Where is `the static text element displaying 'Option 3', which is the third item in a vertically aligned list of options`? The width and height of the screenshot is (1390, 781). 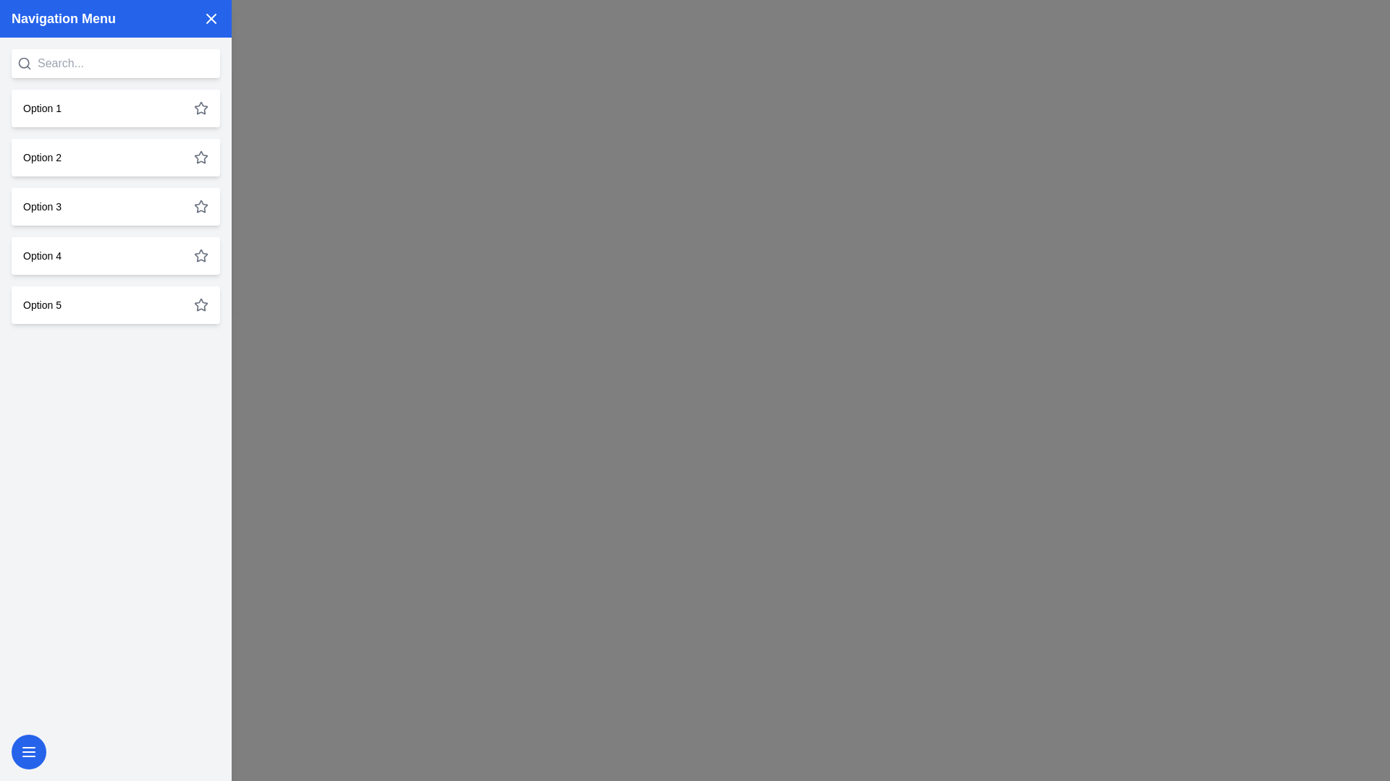 the static text element displaying 'Option 3', which is the third item in a vertically aligned list of options is located at coordinates (42, 206).